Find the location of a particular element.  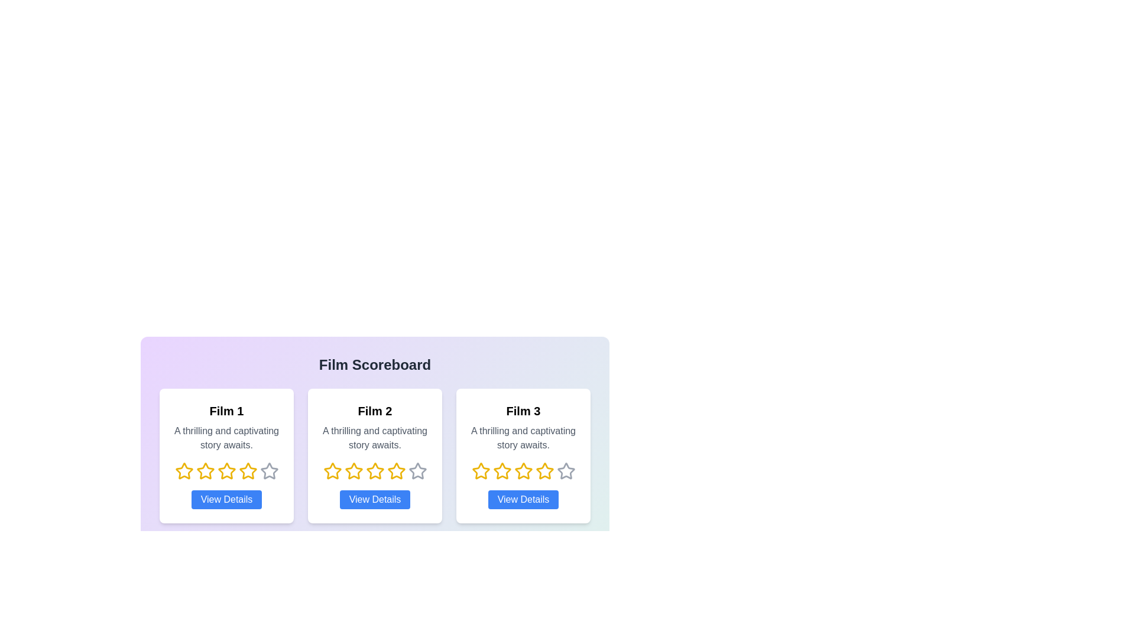

the rating of a film to 5 stars by clicking on the corresponding star is located at coordinates (268, 471).